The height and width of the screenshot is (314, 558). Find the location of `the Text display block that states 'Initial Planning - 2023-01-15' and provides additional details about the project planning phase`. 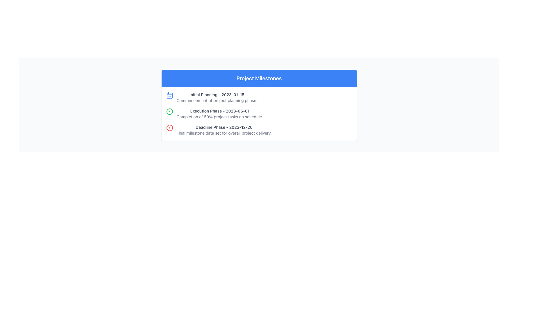

the Text display block that states 'Initial Planning - 2023-01-15' and provides additional details about the project planning phase is located at coordinates (217, 97).